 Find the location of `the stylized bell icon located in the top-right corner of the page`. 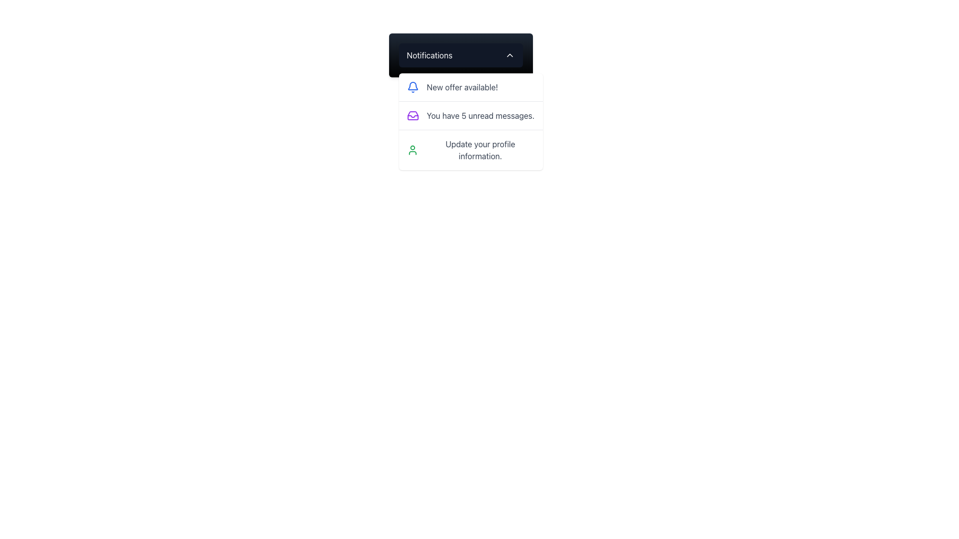

the stylized bell icon located in the top-right corner of the page is located at coordinates (413, 85).